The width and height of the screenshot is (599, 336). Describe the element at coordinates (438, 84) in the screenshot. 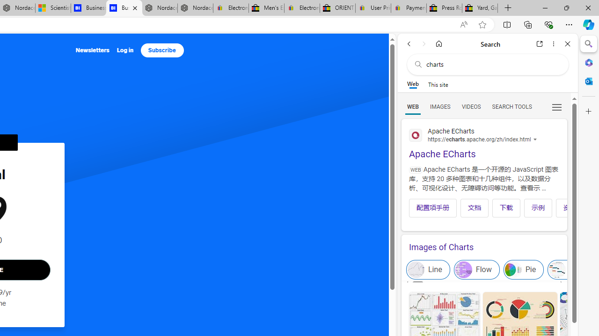

I see `'This site scope'` at that location.